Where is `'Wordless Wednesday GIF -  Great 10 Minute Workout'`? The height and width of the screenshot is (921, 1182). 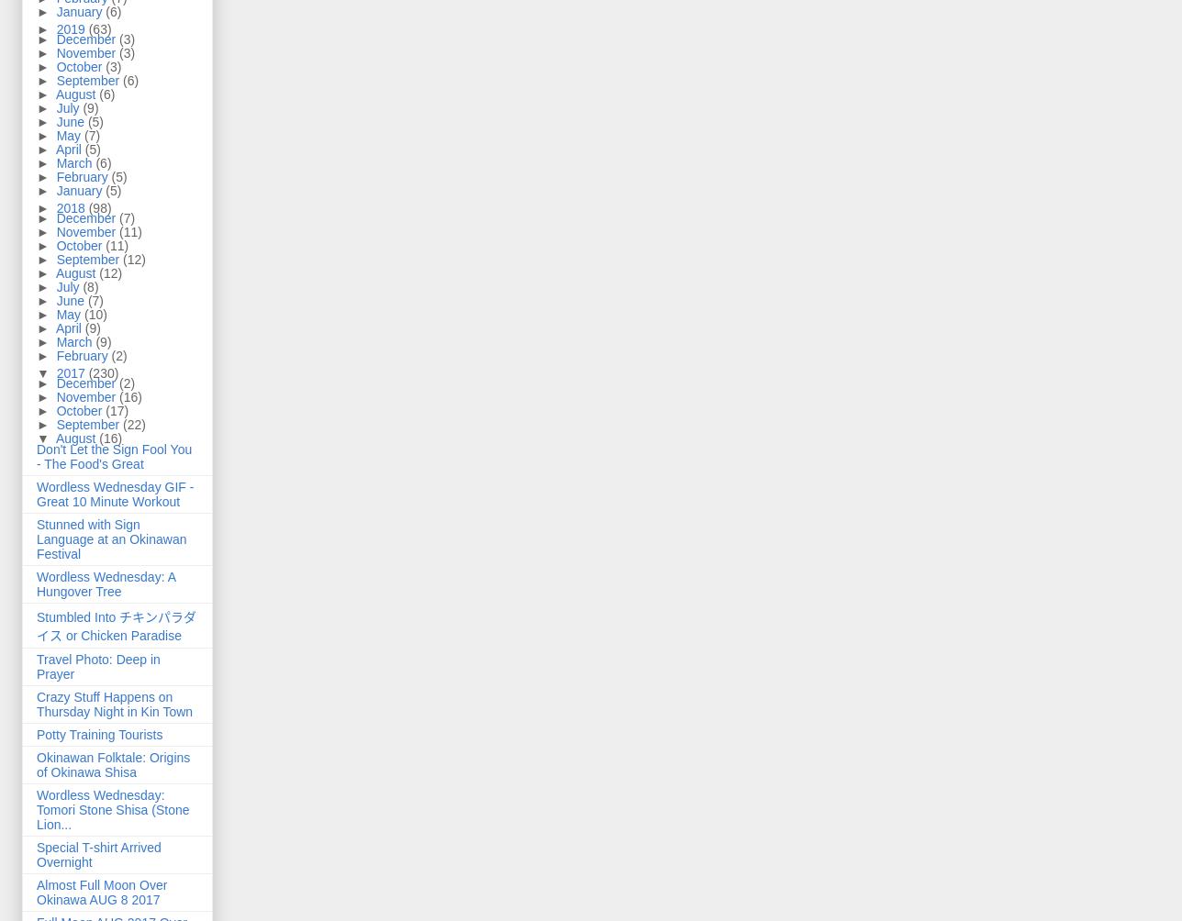
'Wordless Wednesday GIF -  Great 10 Minute Workout' is located at coordinates (115, 494).